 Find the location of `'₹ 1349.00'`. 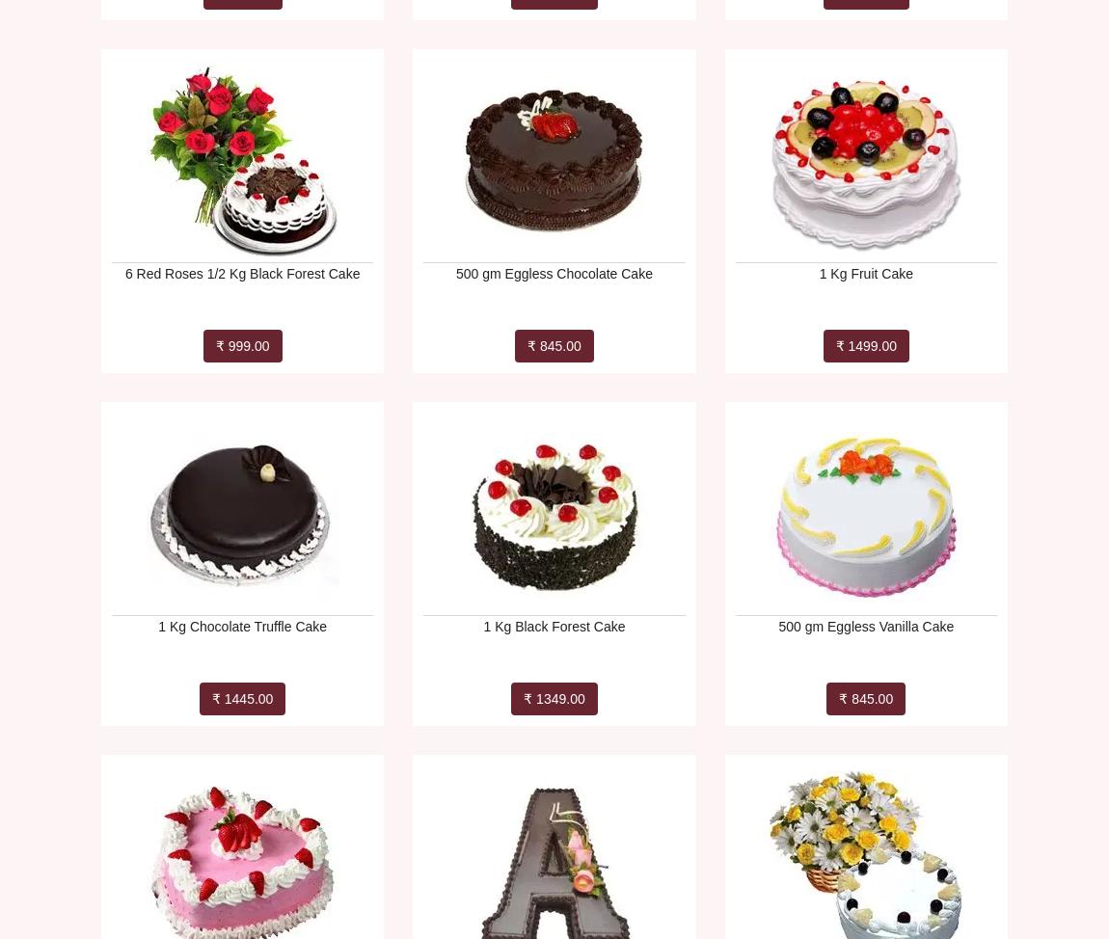

'₹ 1349.00' is located at coordinates (554, 699).